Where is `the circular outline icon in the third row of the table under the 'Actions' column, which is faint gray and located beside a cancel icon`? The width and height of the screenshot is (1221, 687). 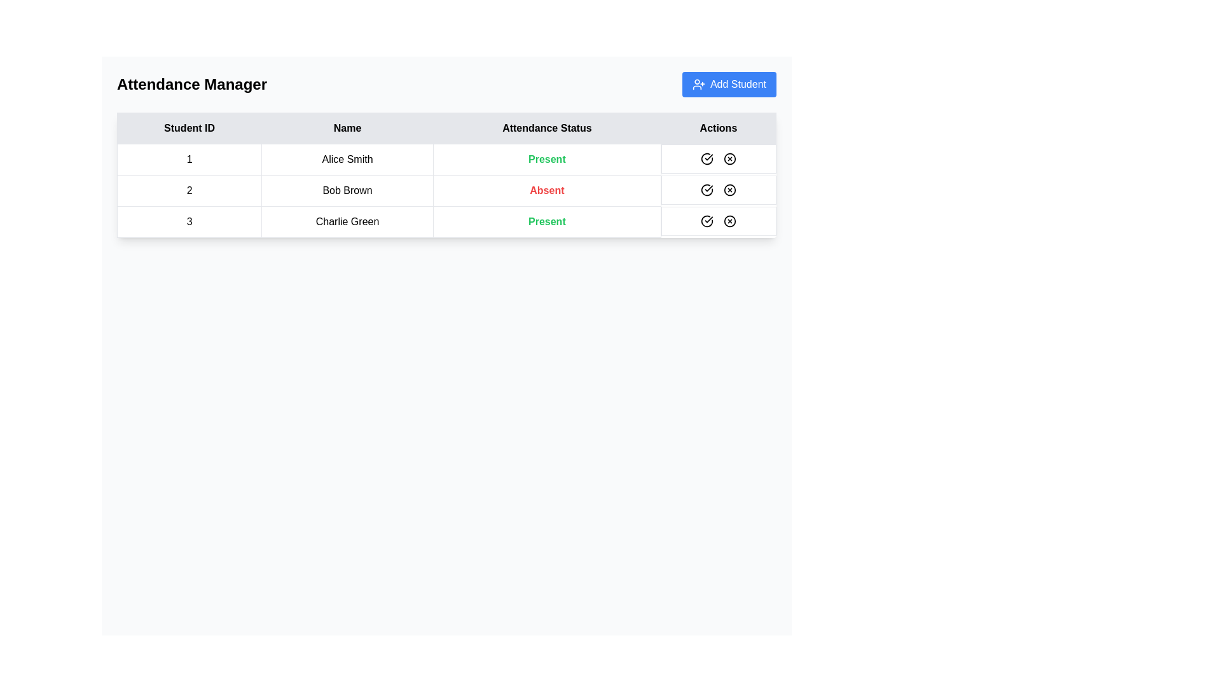 the circular outline icon in the third row of the table under the 'Actions' column, which is faint gray and located beside a cancel icon is located at coordinates (707, 220).